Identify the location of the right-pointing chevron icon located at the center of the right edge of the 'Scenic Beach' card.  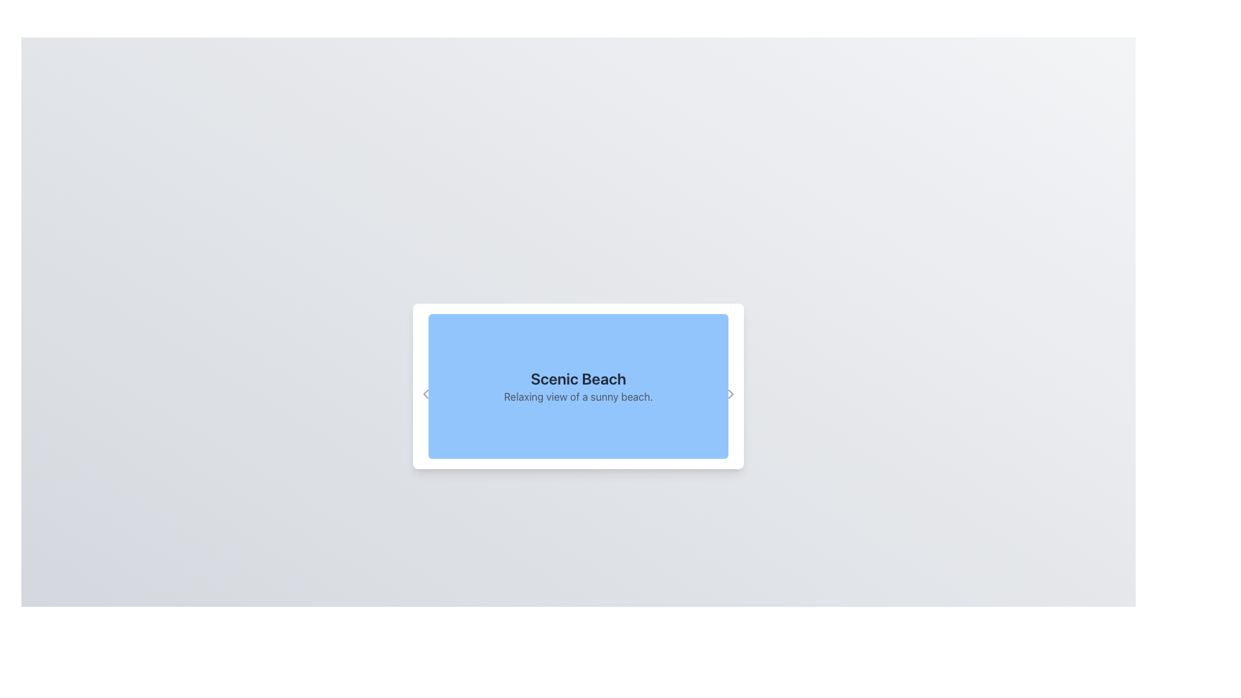
(731, 393).